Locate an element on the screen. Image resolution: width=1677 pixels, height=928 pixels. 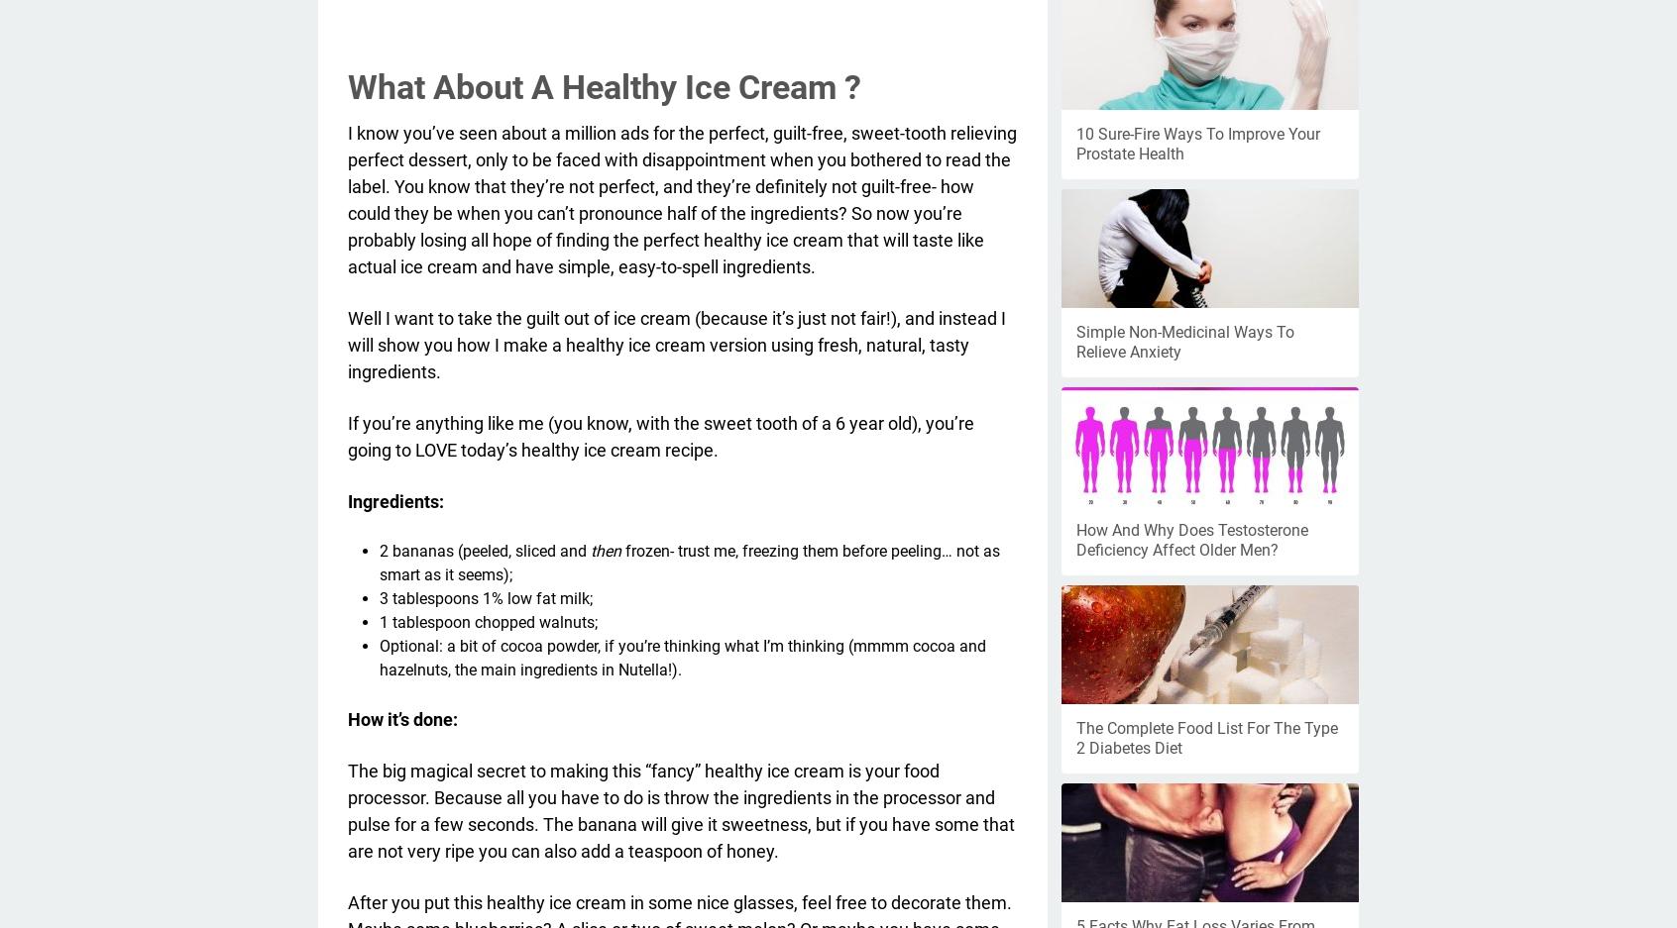
'If you’re anything like me (you know, with the sweet tooth of a 6 year old), you’re going to LOVE today’s healthy ice cream recipe.' is located at coordinates (660, 435).